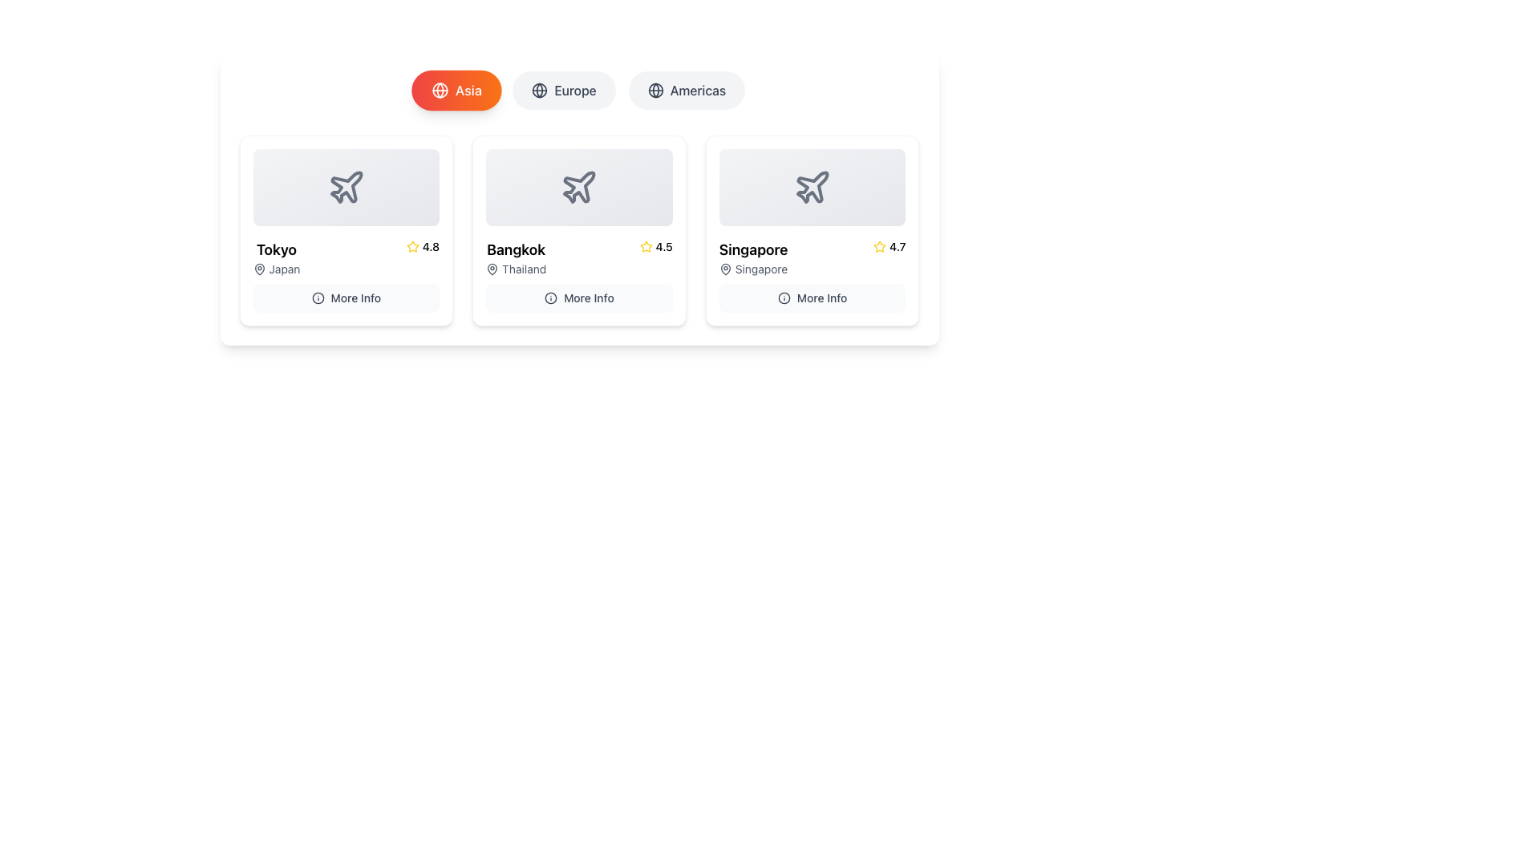 The image size is (1540, 866). What do you see at coordinates (540, 90) in the screenshot?
I see `the decorative vector graphic component that represents a globe next to the 'Asia' category button, located in the top-left section of the category buttons row` at bounding box center [540, 90].